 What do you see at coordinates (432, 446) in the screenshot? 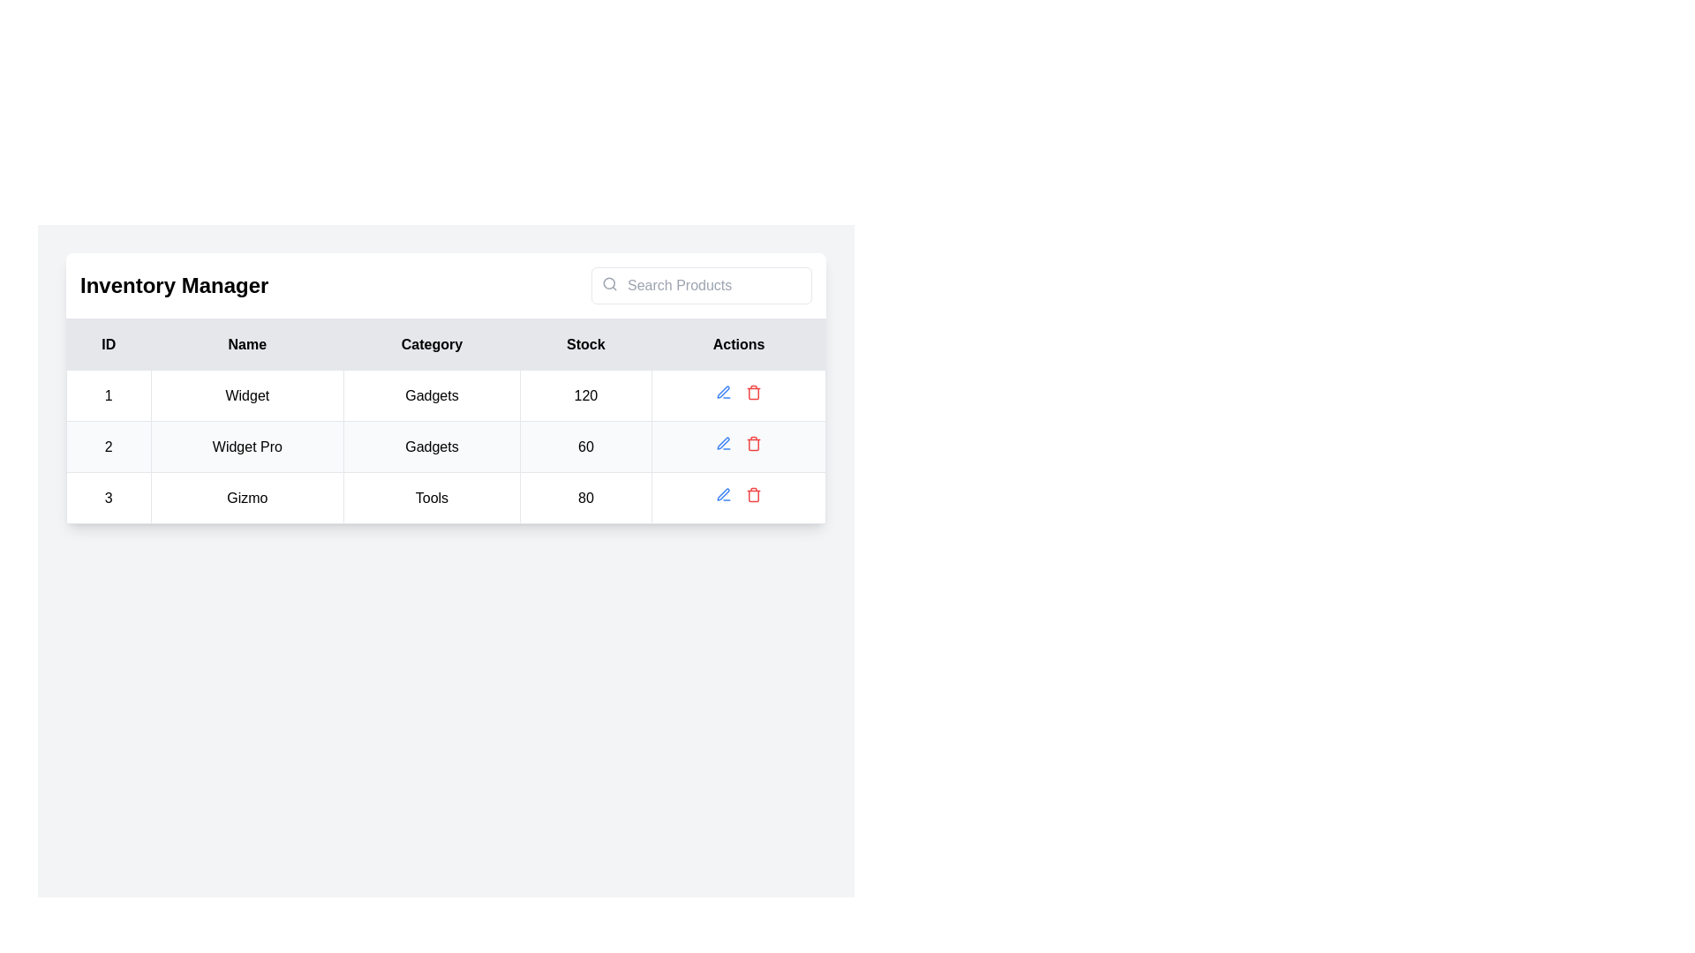
I see `the Text Label representing the category of the product 'Widget Pro' in the inventory table, located in the 'Category' column of the second row` at bounding box center [432, 446].